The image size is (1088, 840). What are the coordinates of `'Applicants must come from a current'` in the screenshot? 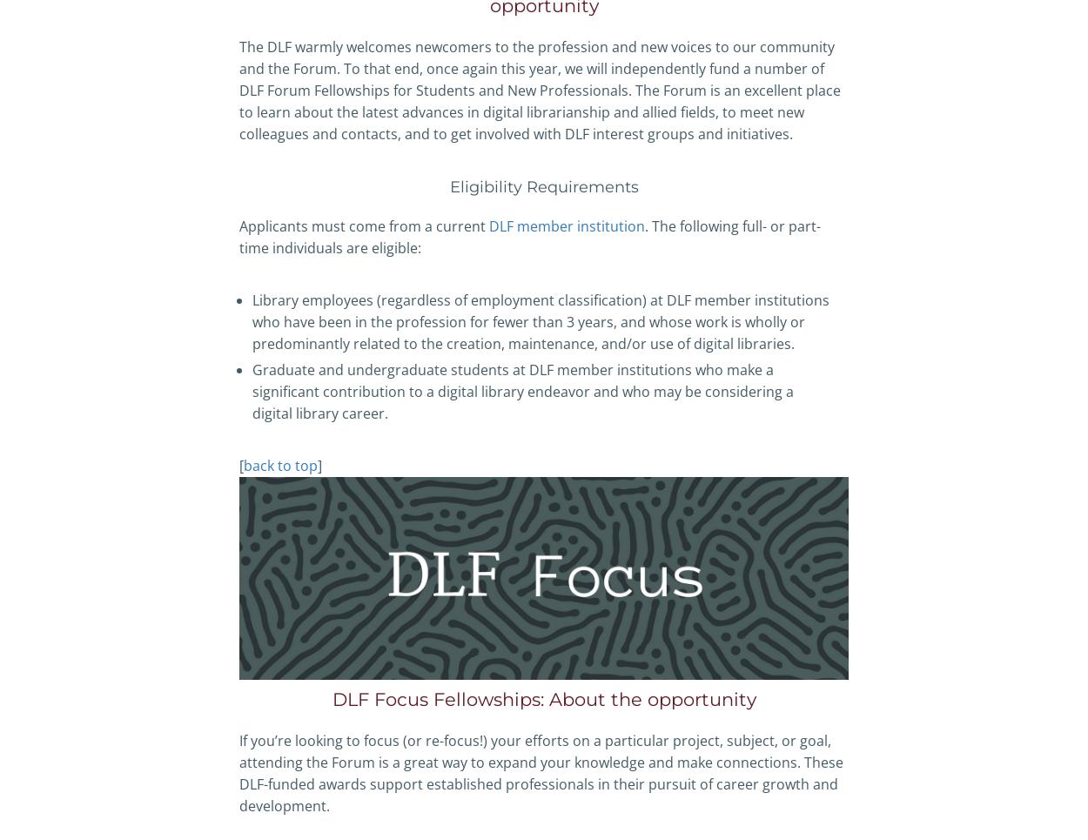 It's located at (364, 225).